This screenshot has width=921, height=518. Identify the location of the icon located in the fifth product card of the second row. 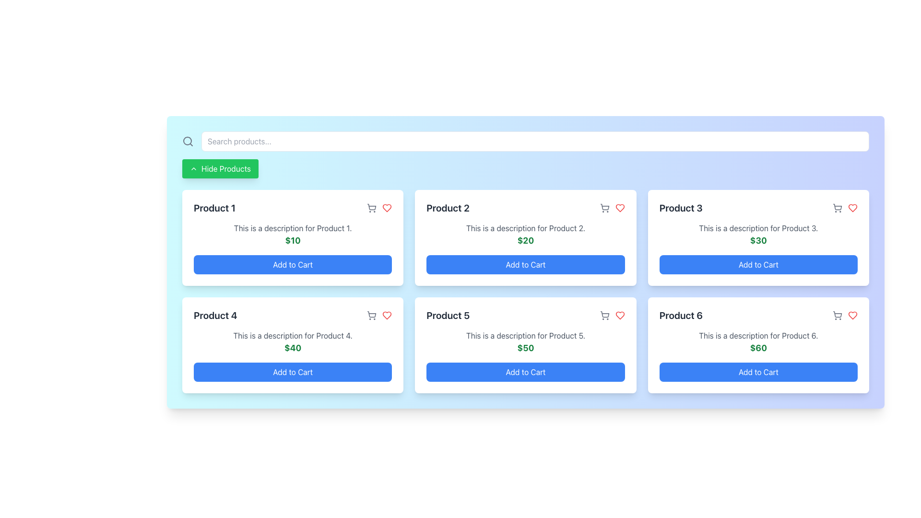
(603, 316).